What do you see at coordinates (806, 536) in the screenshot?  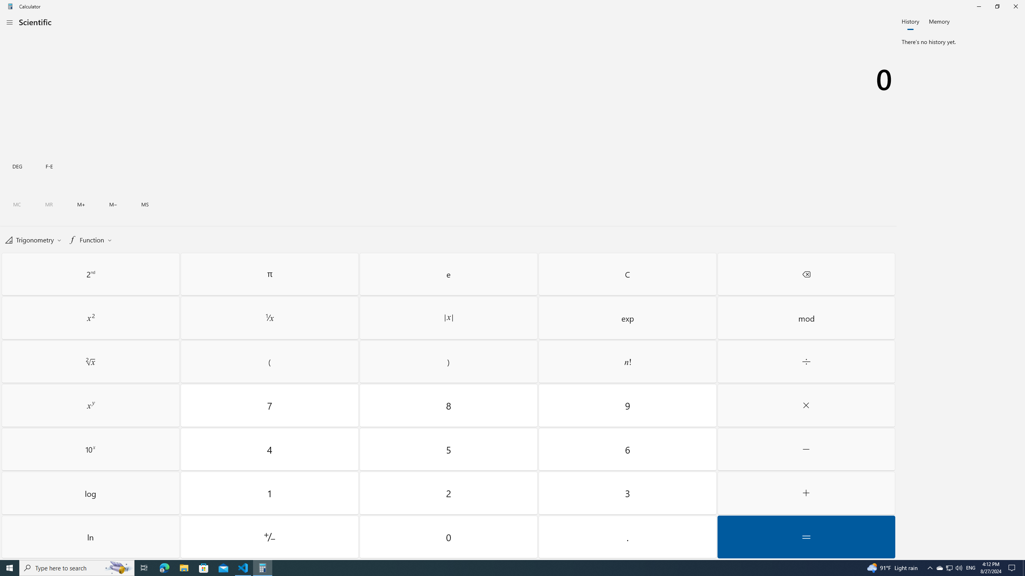 I see `'Equals'` at bounding box center [806, 536].